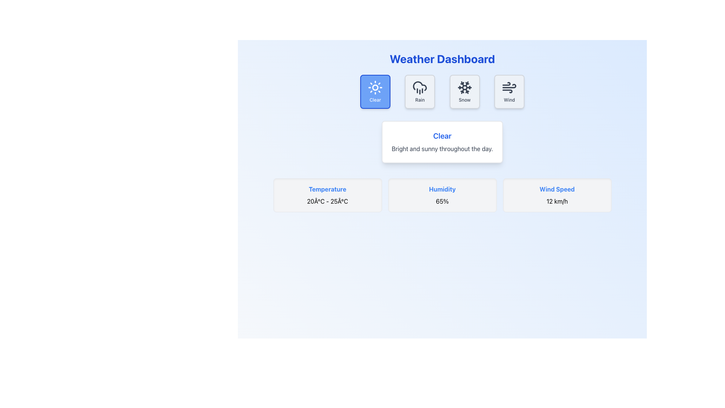 The width and height of the screenshot is (725, 408). Describe the element at coordinates (442, 58) in the screenshot. I see `the main heading of the Weather Dashboard located at the top-center of the page interface` at that location.